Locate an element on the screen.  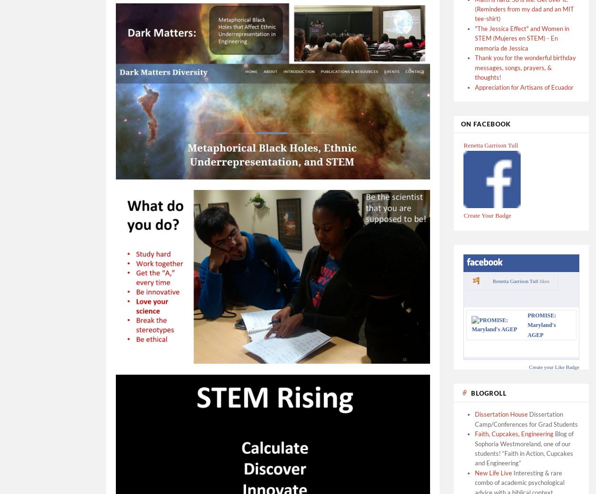
'Dissertation Camp/Conferences for Grad Students' is located at coordinates (526, 418).